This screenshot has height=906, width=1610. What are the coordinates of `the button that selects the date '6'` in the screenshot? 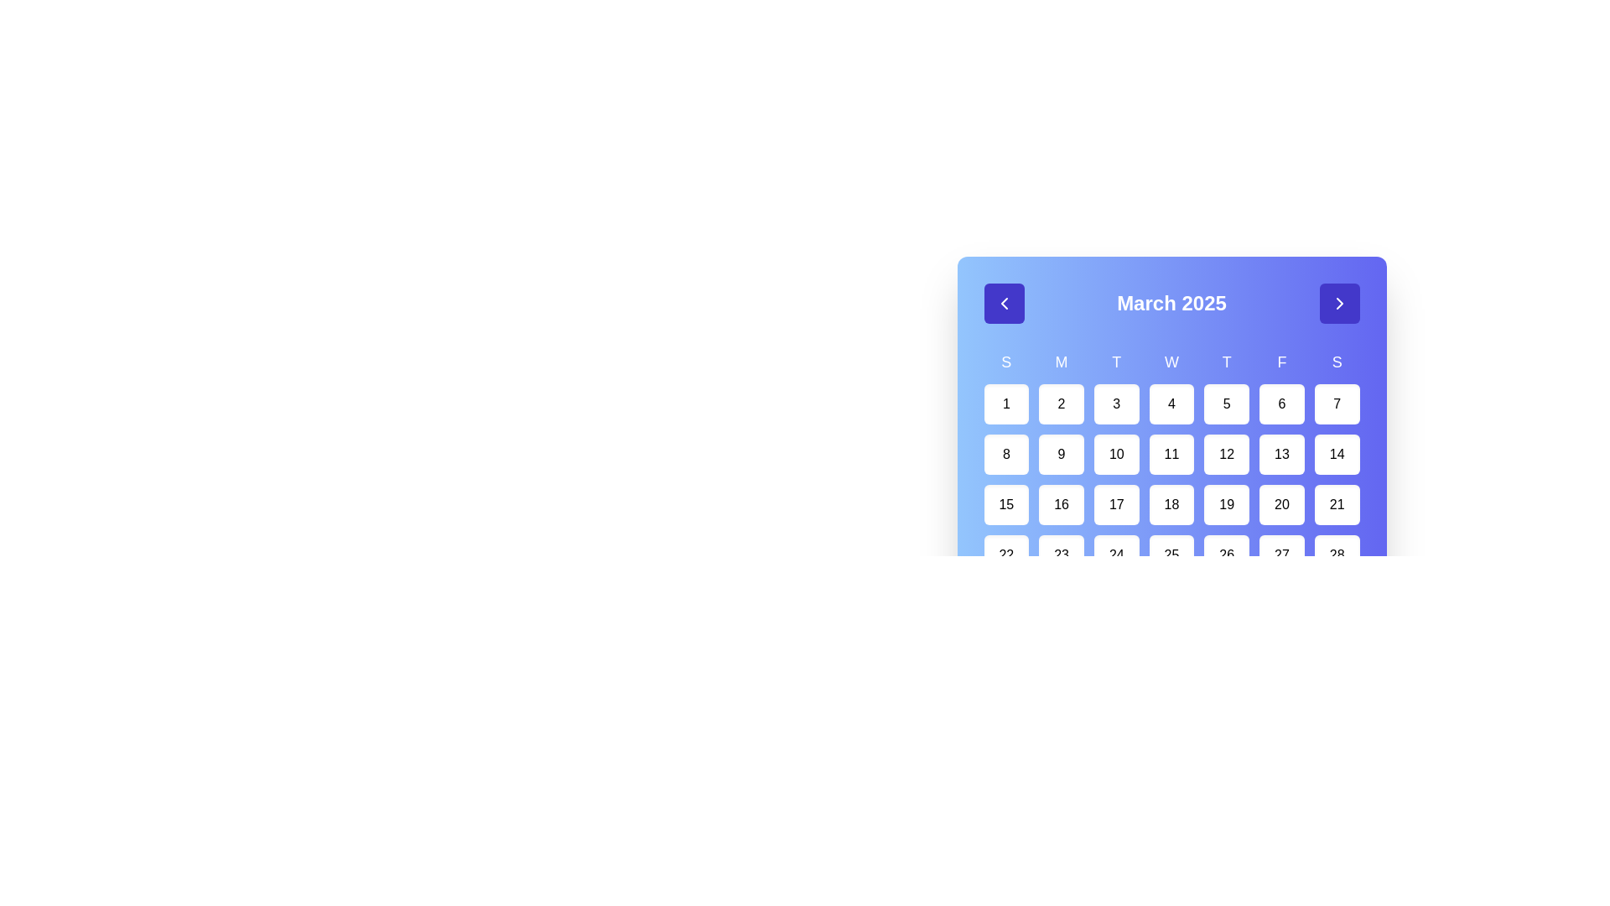 It's located at (1280, 404).